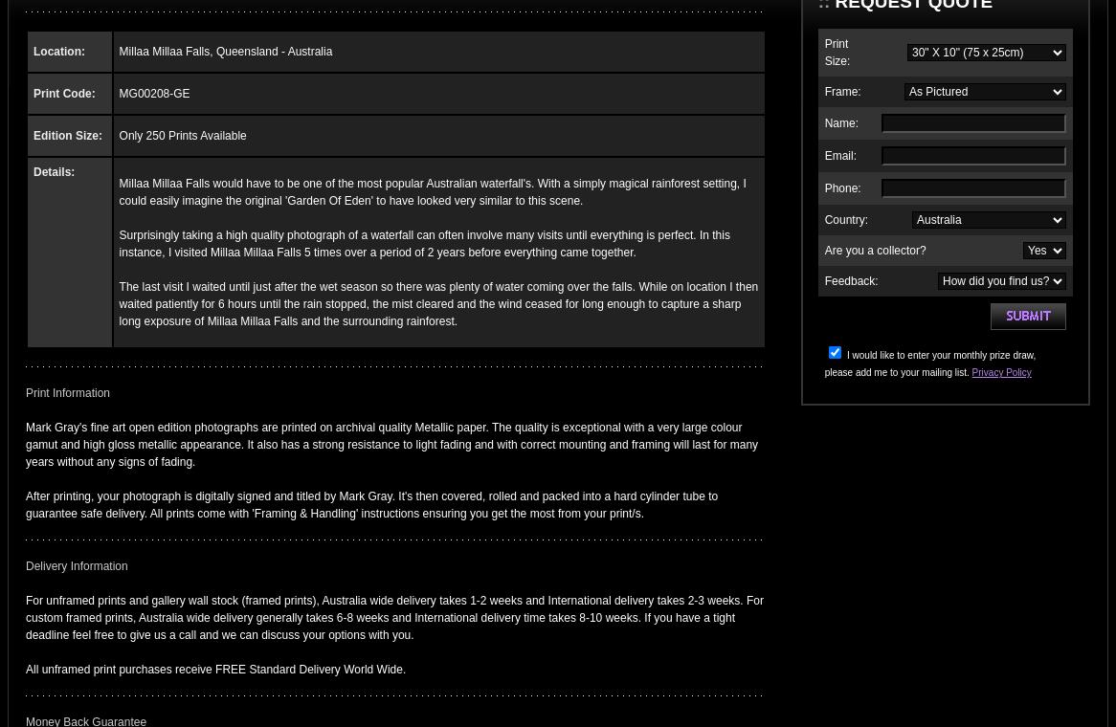  I want to click on 'Name:', so click(823, 122).